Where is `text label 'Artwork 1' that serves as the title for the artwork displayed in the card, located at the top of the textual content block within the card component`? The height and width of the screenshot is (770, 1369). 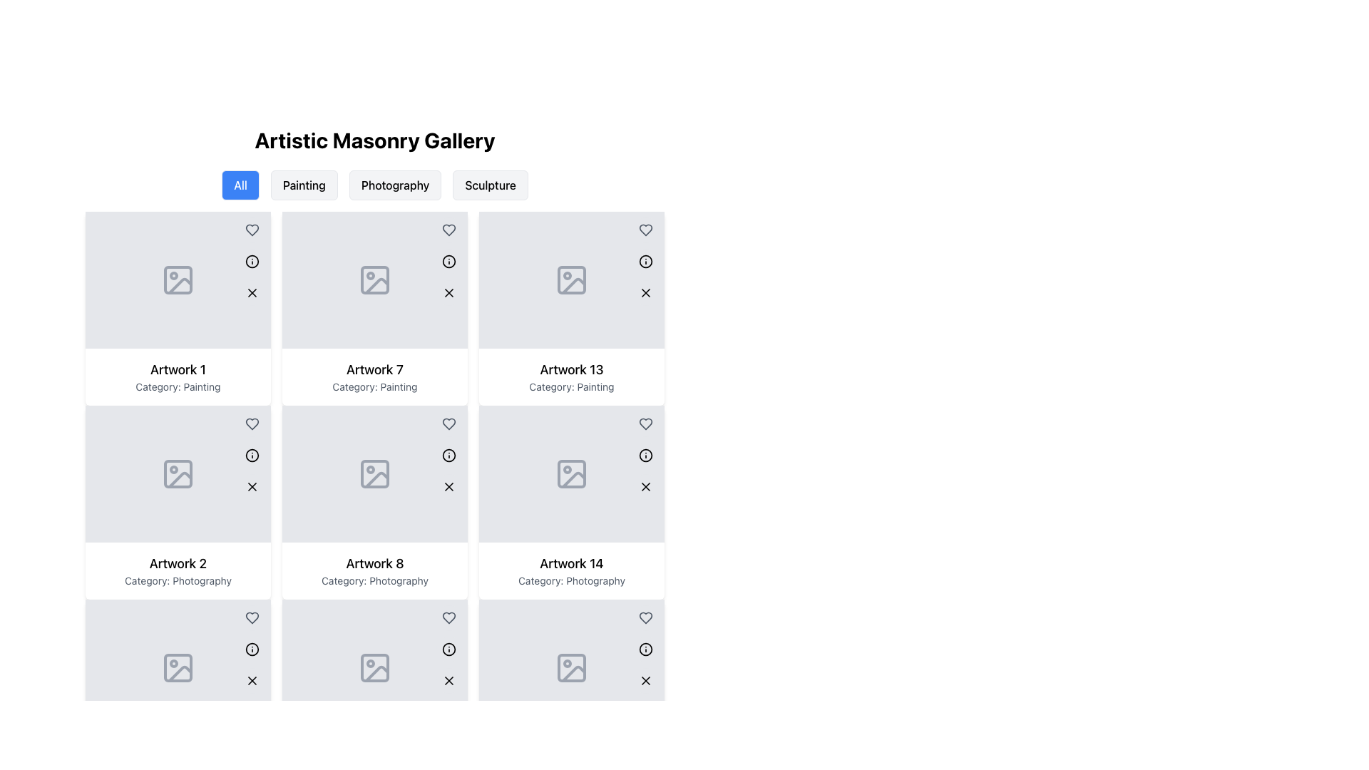 text label 'Artwork 1' that serves as the title for the artwork displayed in the card, located at the top of the textual content block within the card component is located at coordinates (177, 369).